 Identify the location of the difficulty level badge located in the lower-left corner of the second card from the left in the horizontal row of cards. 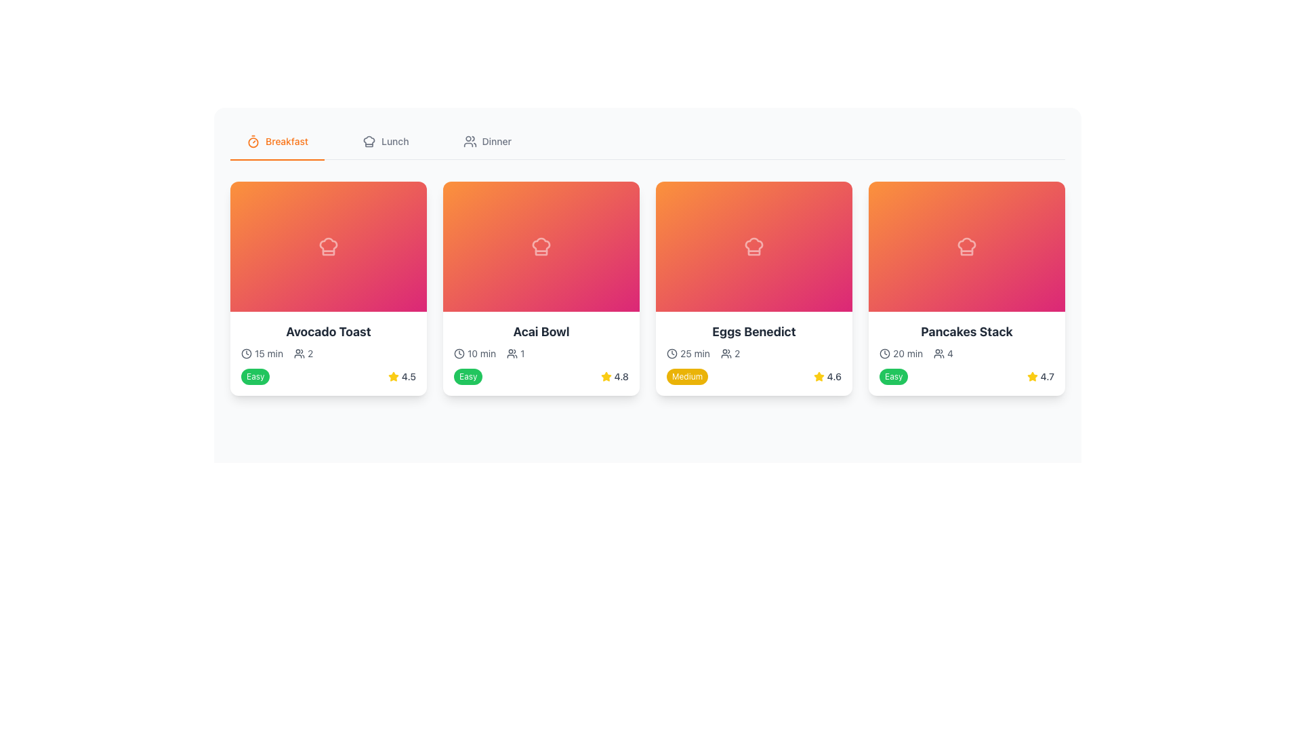
(468, 376).